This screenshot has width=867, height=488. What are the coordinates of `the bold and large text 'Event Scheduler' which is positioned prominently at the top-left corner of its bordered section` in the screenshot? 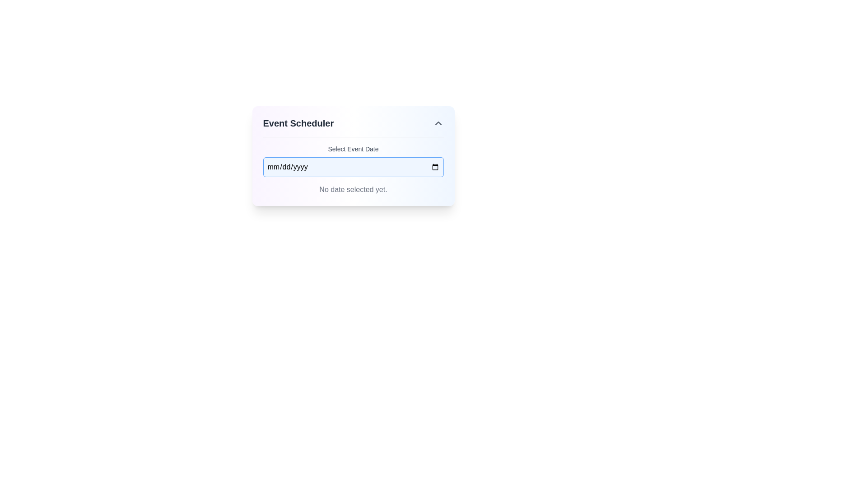 It's located at (298, 123).